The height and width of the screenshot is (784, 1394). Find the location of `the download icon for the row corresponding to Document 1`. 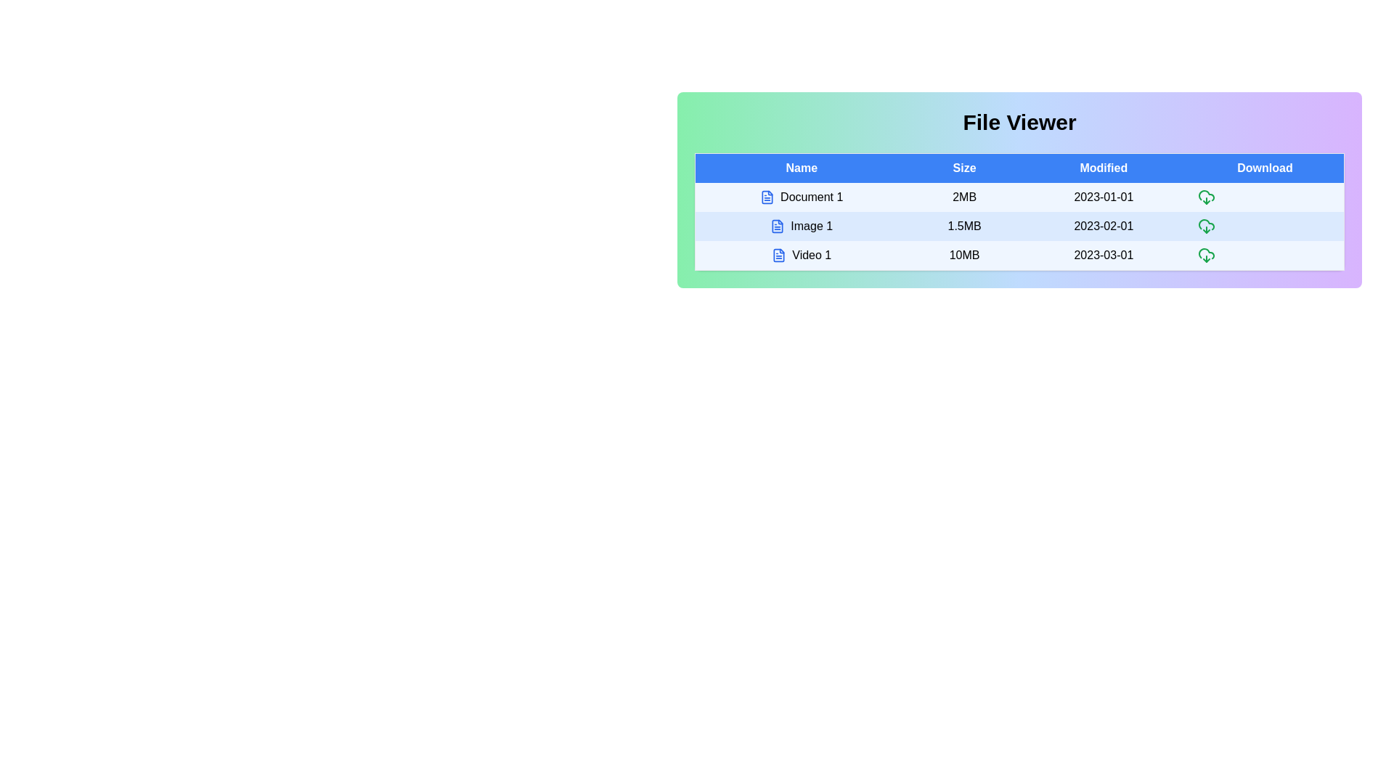

the download icon for the row corresponding to Document 1 is located at coordinates (1206, 197).